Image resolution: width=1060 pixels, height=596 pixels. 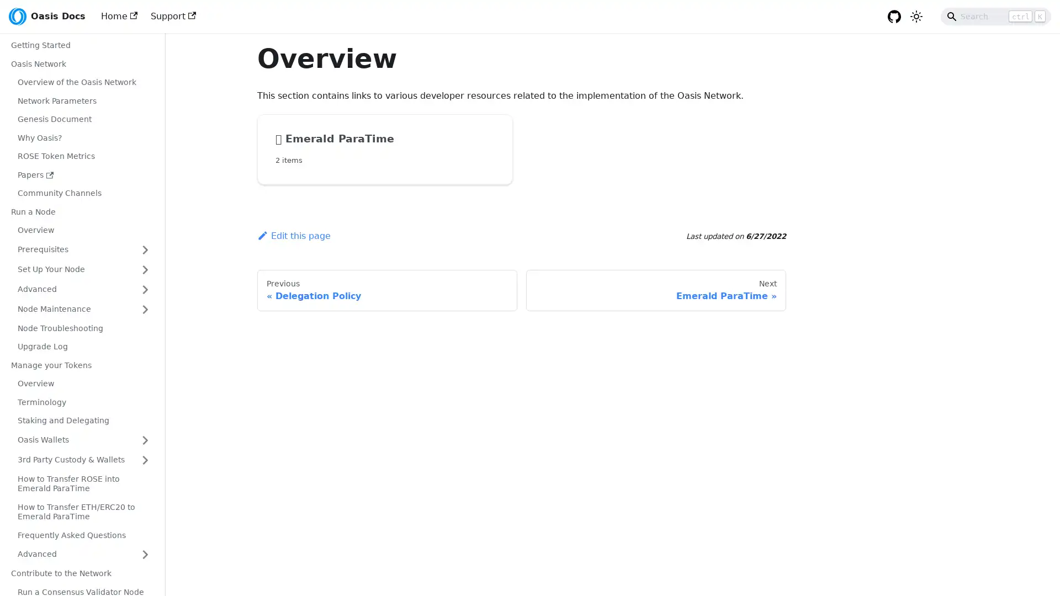 What do you see at coordinates (145, 308) in the screenshot?
I see `Toggle the collapsible sidebar category 'Node Maintenance'` at bounding box center [145, 308].